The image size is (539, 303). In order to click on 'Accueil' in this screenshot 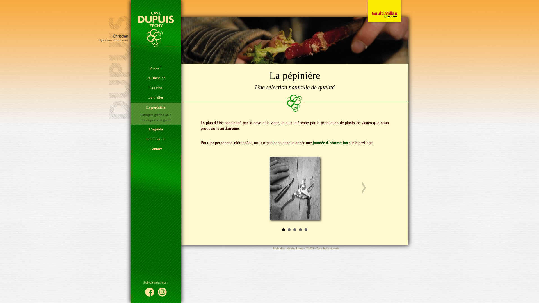, I will do `click(130, 68)`.